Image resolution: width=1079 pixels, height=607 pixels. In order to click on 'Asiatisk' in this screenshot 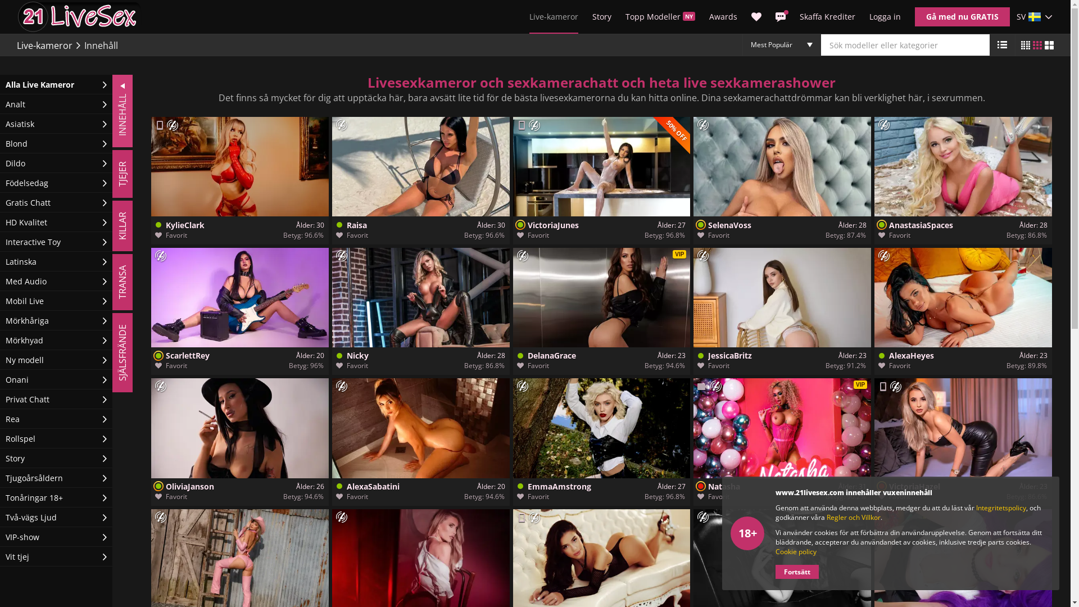, I will do `click(56, 124)`.